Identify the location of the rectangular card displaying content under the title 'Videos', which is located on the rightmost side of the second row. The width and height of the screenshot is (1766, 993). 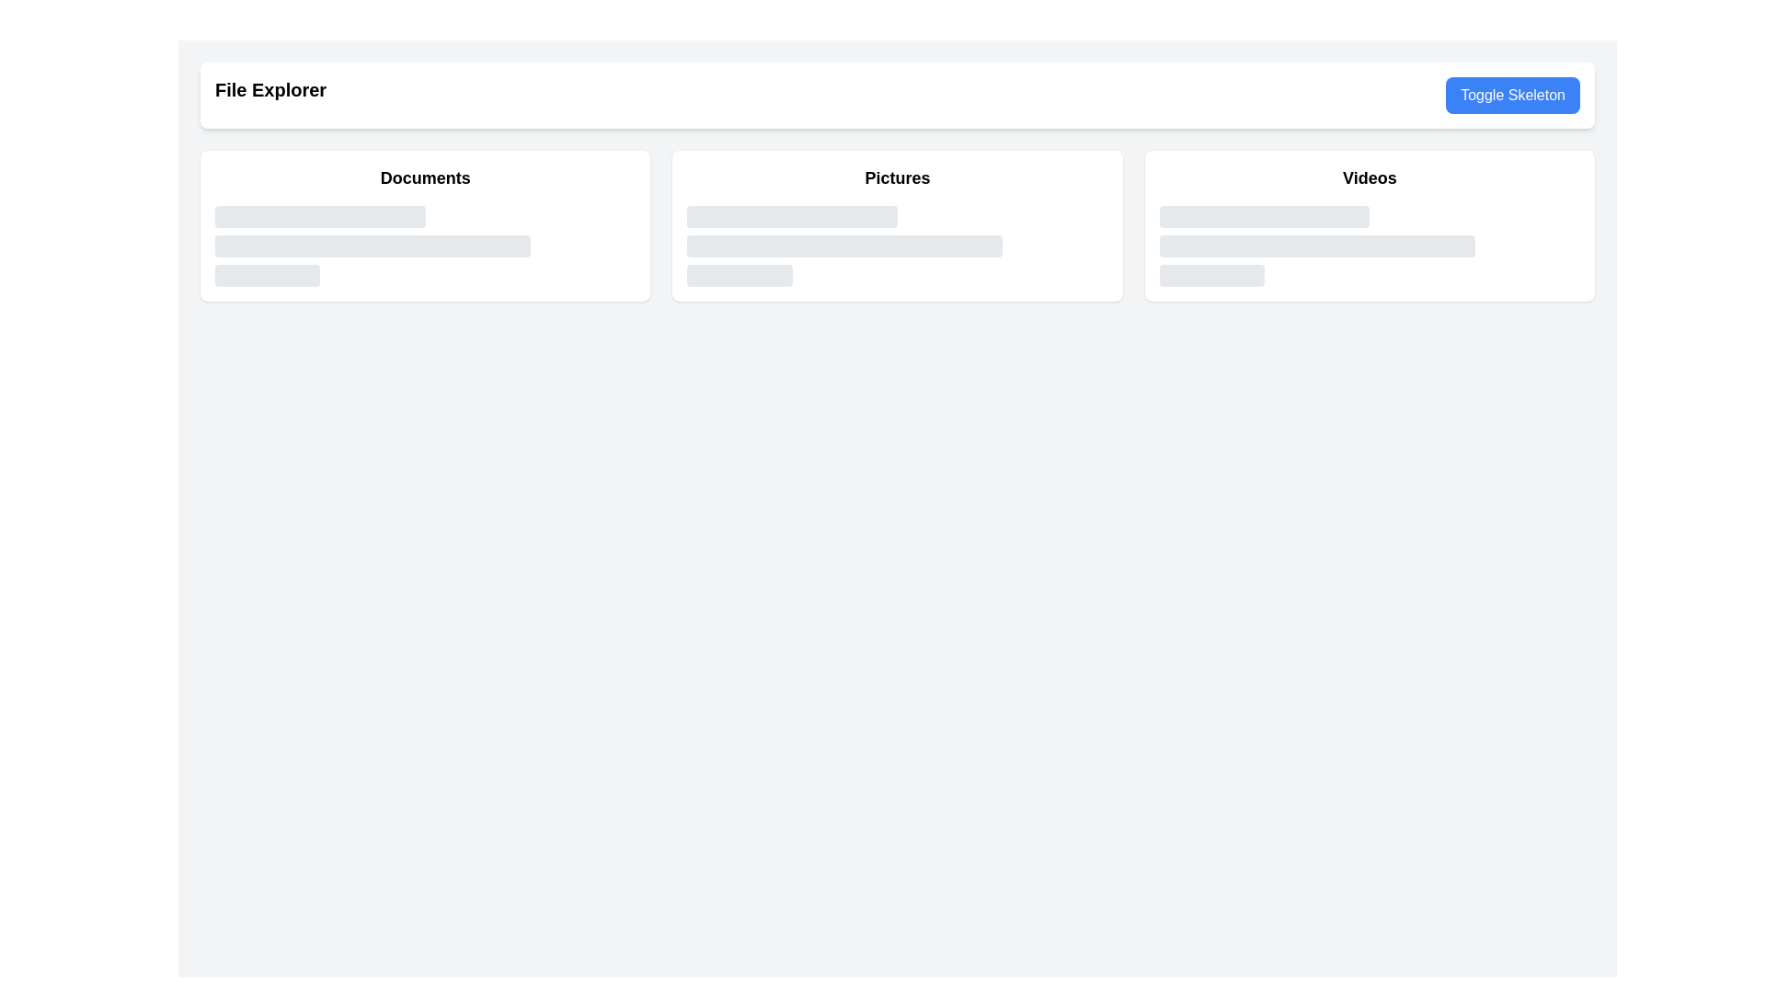
(1370, 225).